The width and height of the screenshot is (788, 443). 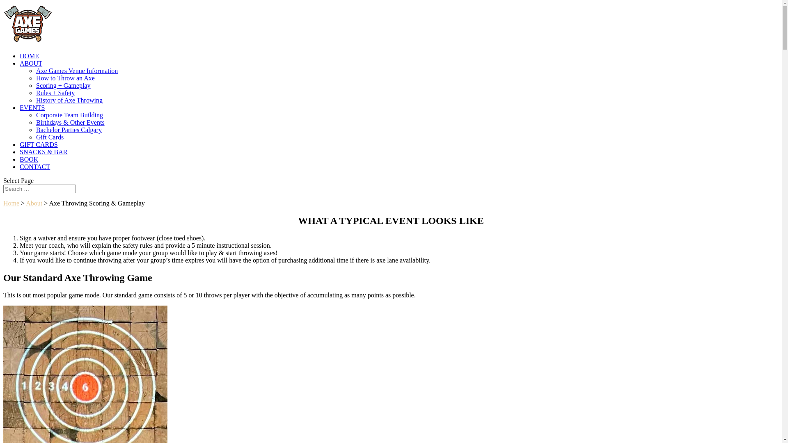 What do you see at coordinates (33, 203) in the screenshot?
I see `'About'` at bounding box center [33, 203].